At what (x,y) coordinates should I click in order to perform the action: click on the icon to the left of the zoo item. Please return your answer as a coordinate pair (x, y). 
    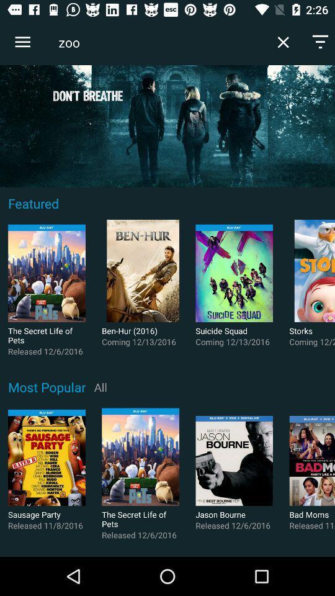
    Looking at the image, I should click on (22, 42).